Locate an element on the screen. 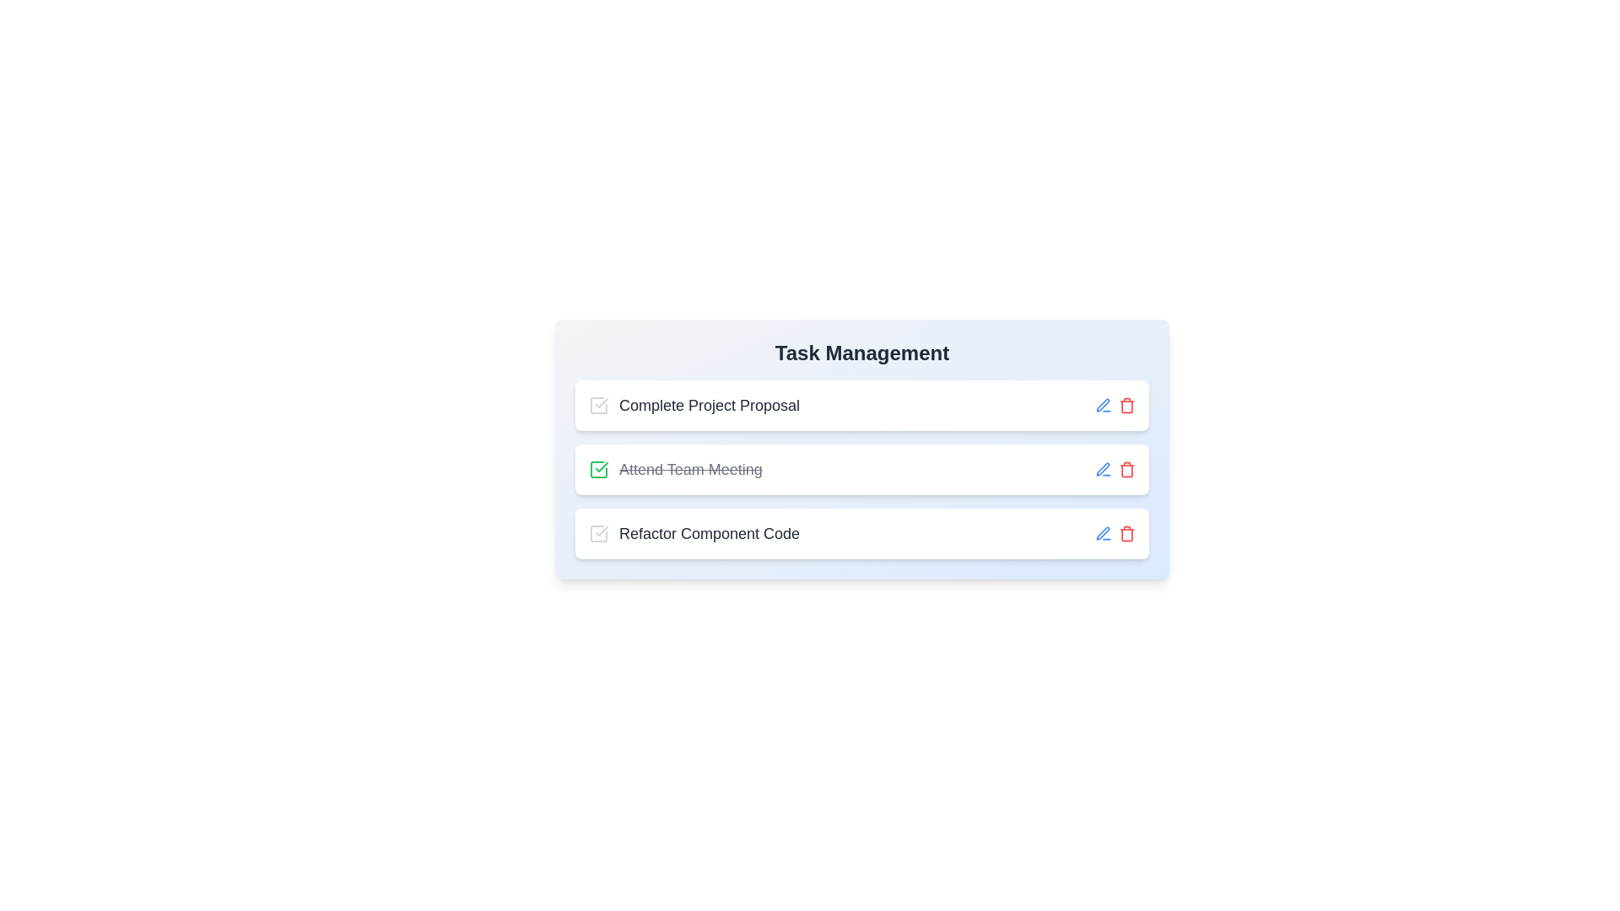  the Checkbox icon located in the SVG graphic in the first column of the third row, adjacent to the label 'Refactor Component Code' is located at coordinates (599, 533).